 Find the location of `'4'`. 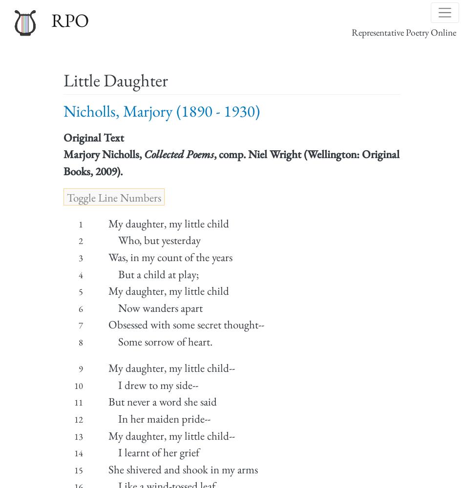

'4' is located at coordinates (81, 274).